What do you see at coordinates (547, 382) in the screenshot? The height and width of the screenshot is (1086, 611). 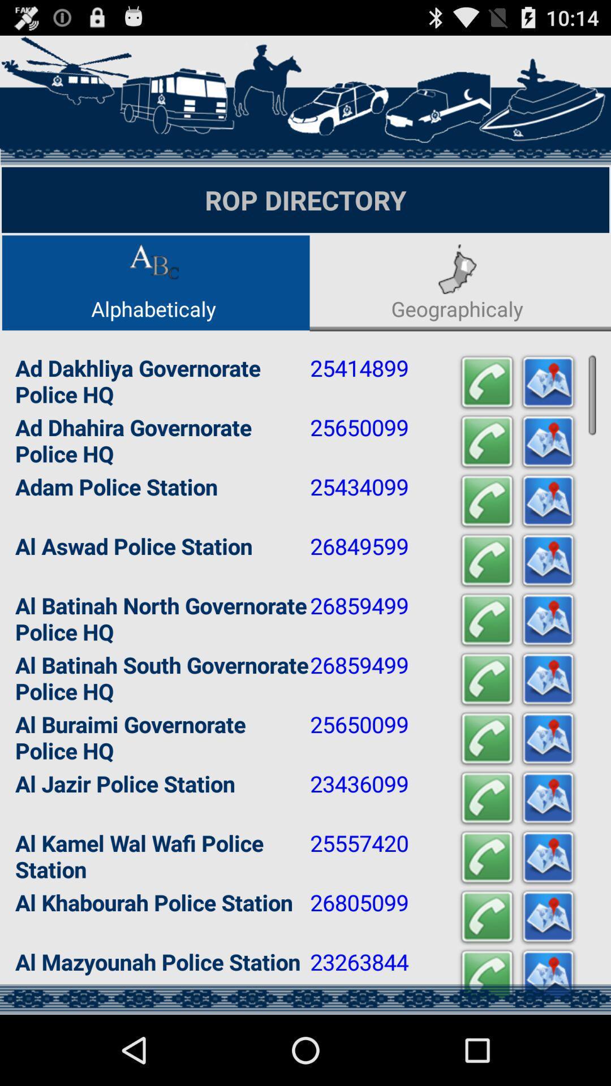 I see `show on map` at bounding box center [547, 382].